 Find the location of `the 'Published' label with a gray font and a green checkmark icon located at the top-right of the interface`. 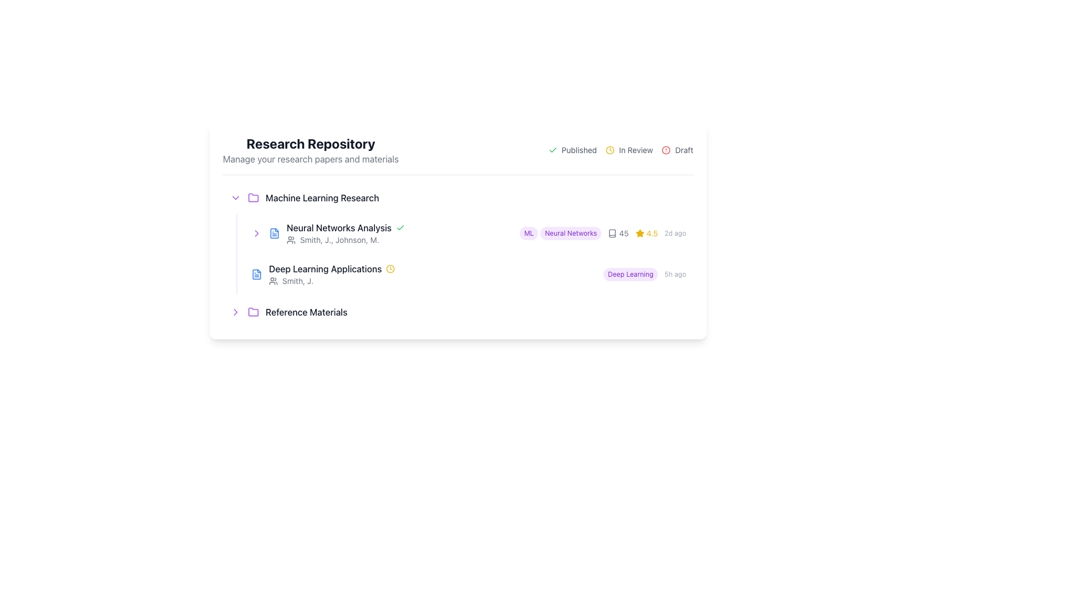

the 'Published' label with a gray font and a green checkmark icon located at the top-right of the interface is located at coordinates (572, 150).